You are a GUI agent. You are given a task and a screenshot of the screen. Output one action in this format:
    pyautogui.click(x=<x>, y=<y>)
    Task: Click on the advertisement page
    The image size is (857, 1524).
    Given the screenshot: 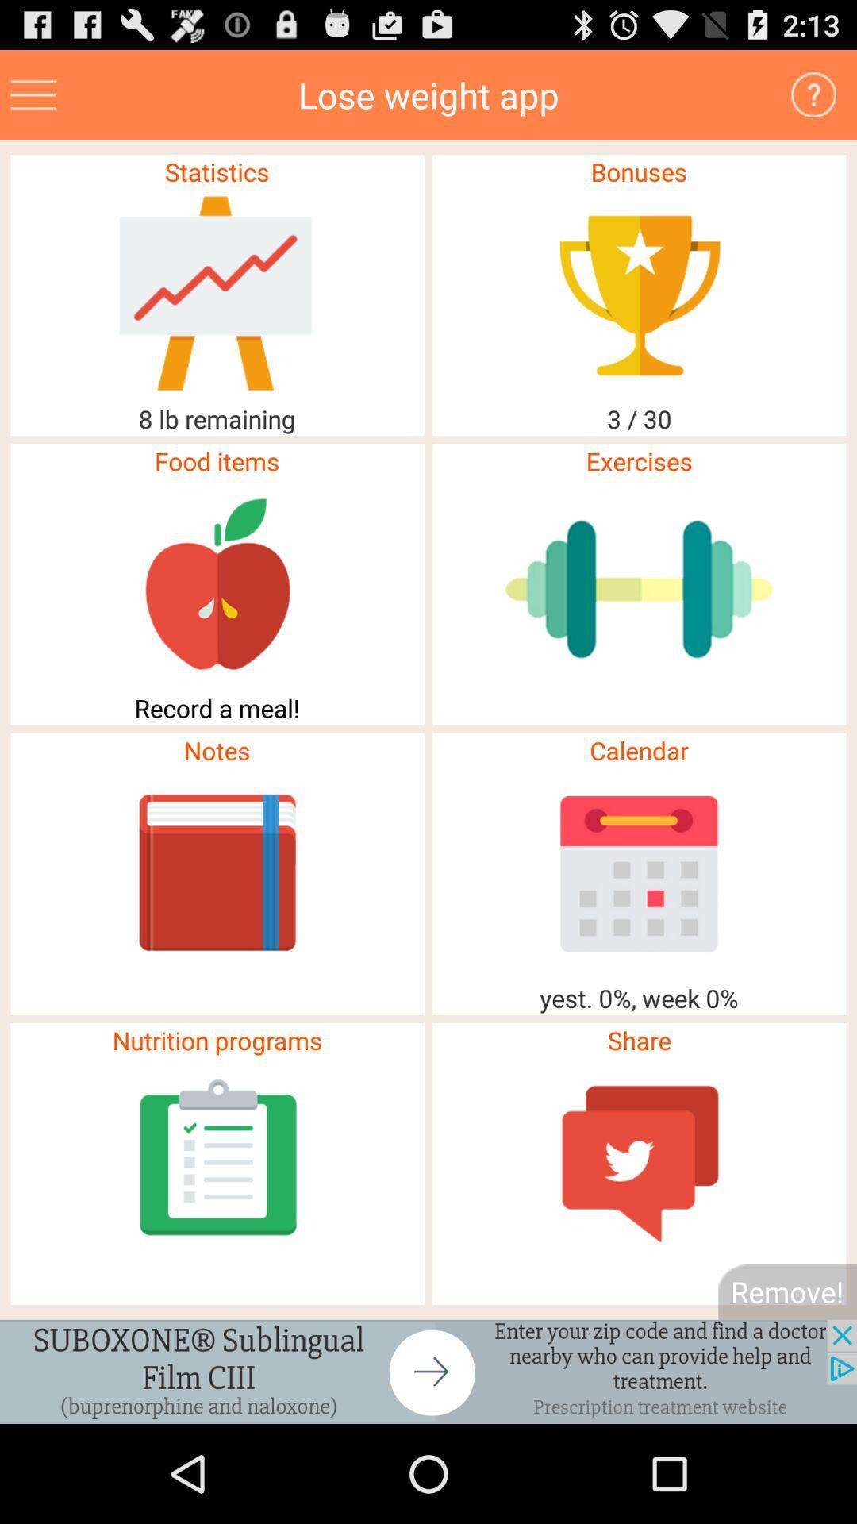 What is the action you would take?
    pyautogui.click(x=428, y=1371)
    